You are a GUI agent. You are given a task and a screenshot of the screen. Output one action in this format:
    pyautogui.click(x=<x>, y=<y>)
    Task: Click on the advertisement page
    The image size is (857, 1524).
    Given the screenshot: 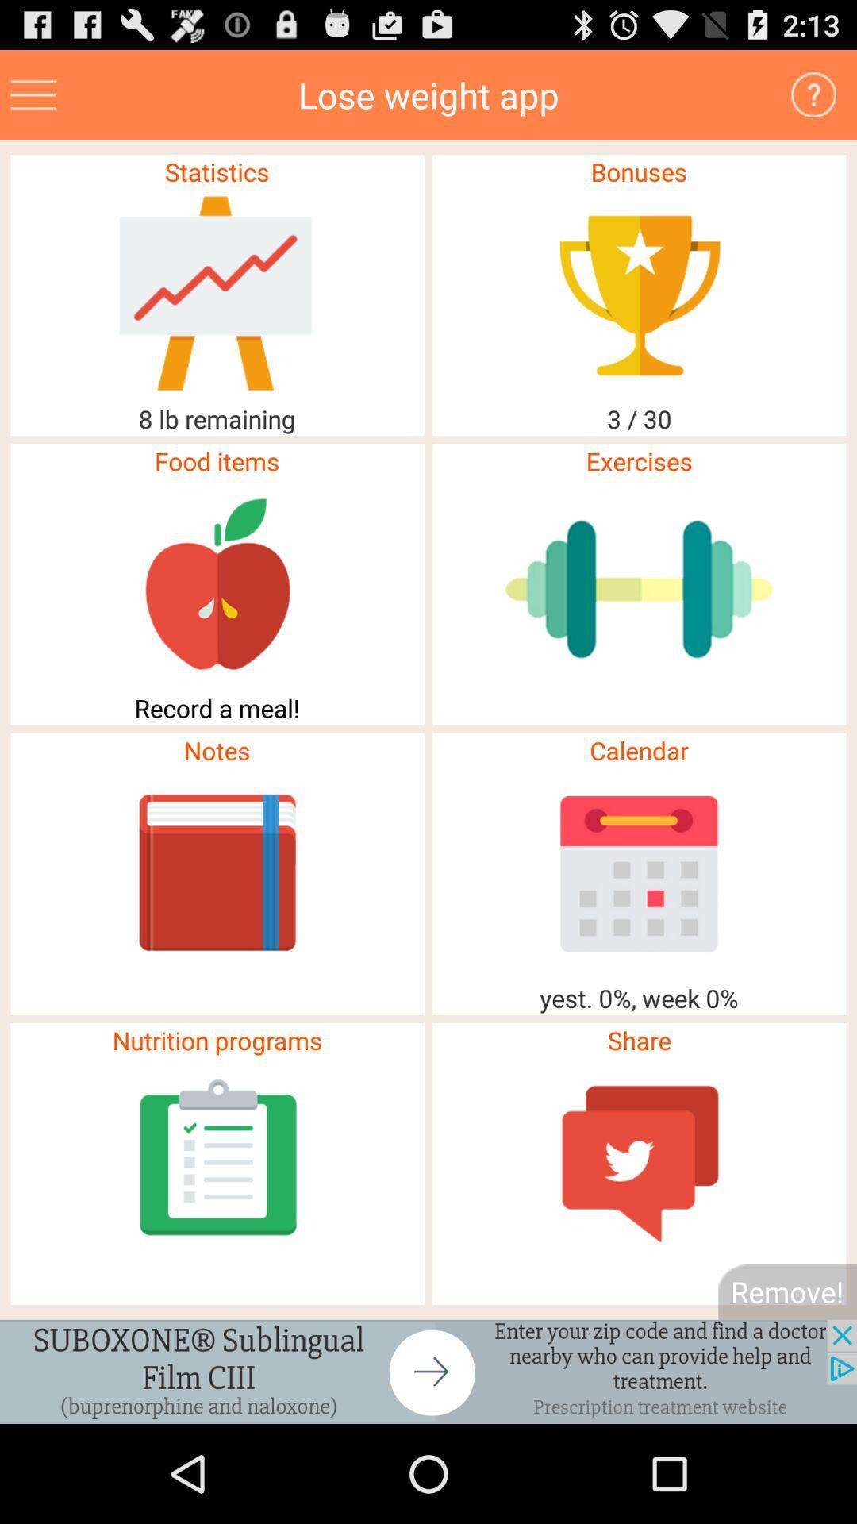 What is the action you would take?
    pyautogui.click(x=428, y=1371)
    